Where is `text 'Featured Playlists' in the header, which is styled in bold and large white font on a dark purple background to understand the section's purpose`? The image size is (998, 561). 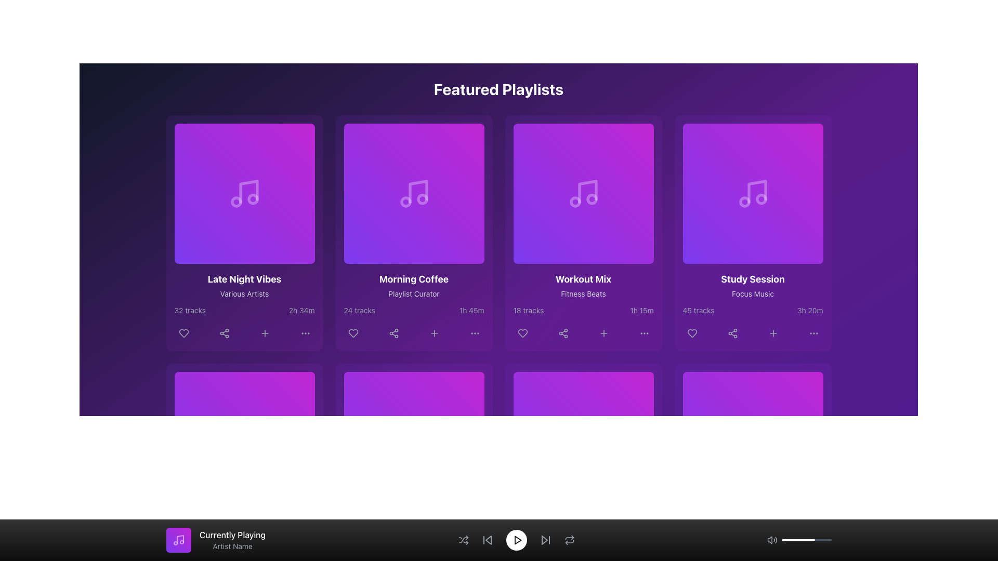 text 'Featured Playlists' in the header, which is styled in bold and large white font on a dark purple background to understand the section's purpose is located at coordinates (498, 89).